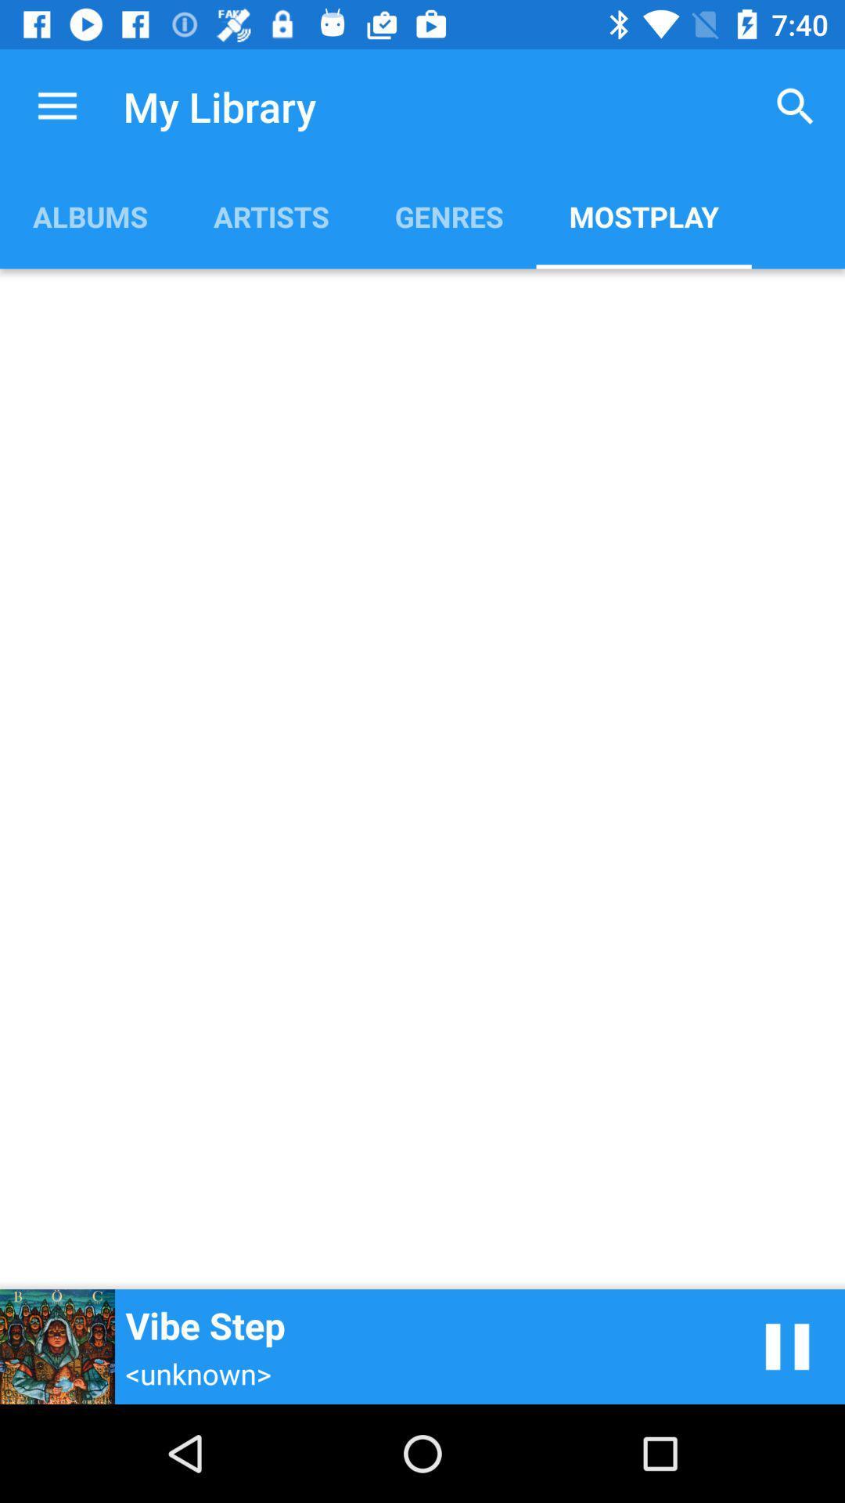  Describe the element at coordinates (787, 1346) in the screenshot. I see `item next to vibe step icon` at that location.